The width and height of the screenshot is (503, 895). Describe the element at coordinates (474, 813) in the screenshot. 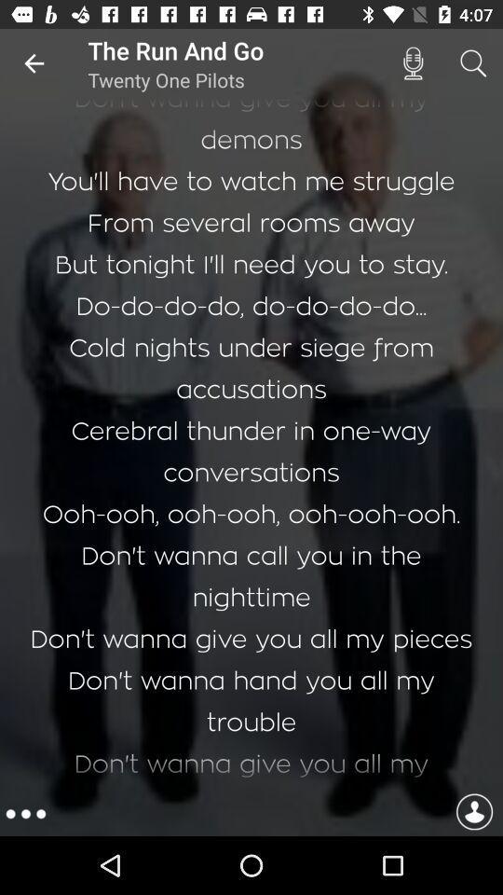

I see `the avatar icon` at that location.